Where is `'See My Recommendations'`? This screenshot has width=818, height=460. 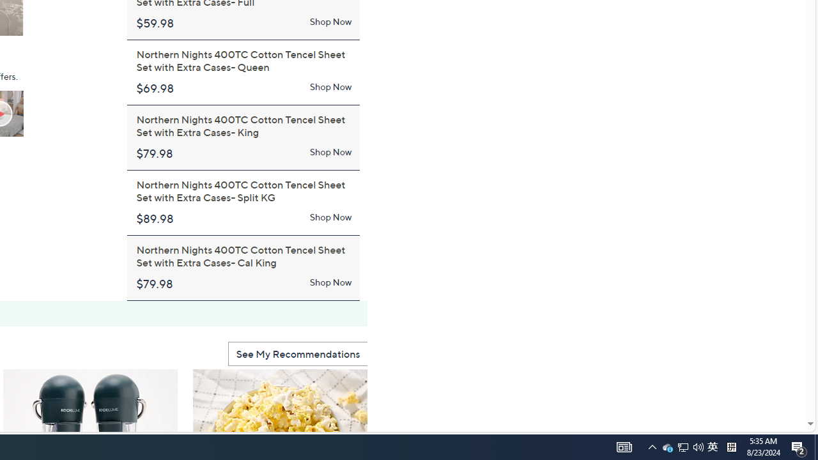
'See My Recommendations' is located at coordinates (297, 353).